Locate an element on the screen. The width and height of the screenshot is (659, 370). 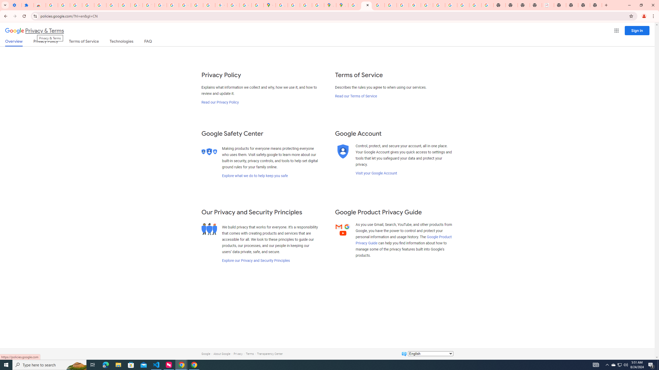
'Change language:' is located at coordinates (430, 353).